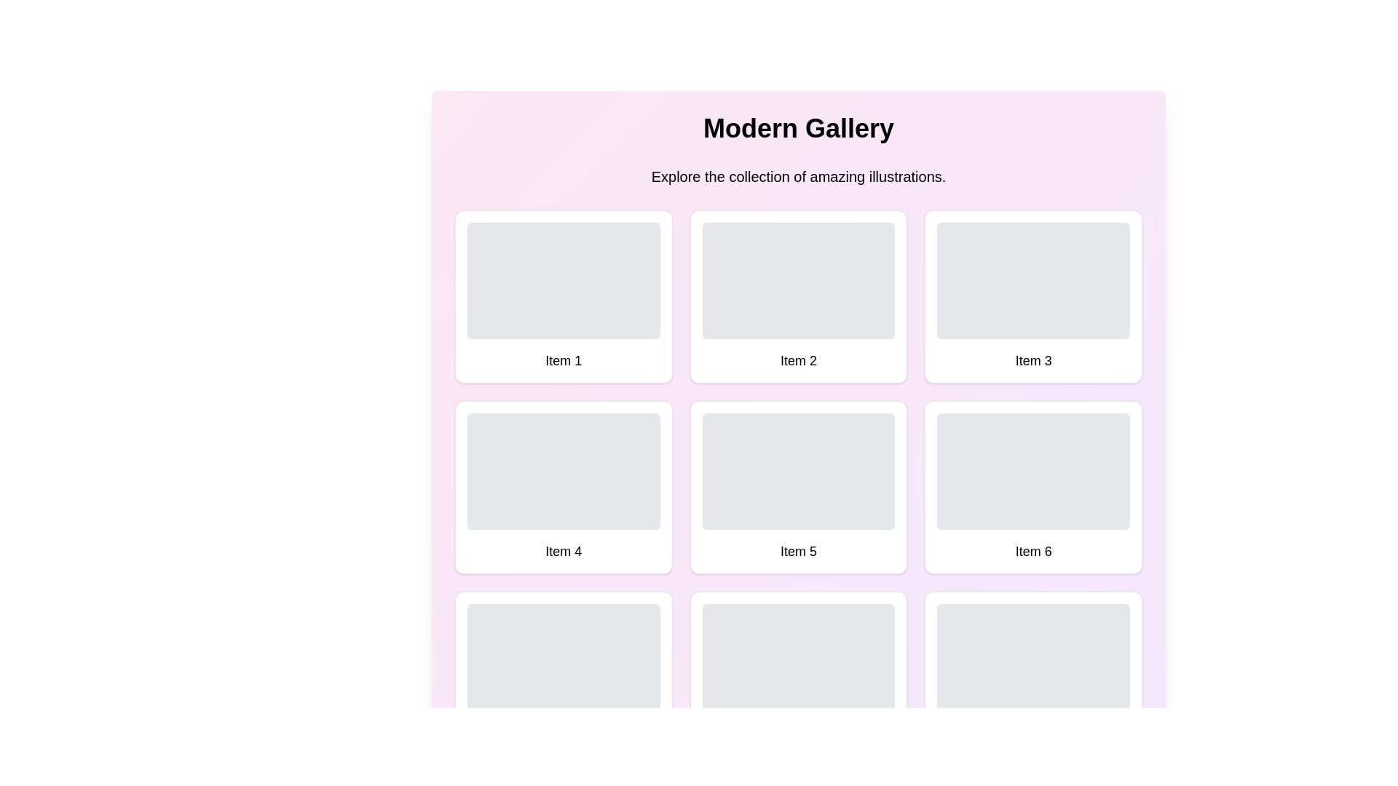 This screenshot has width=1398, height=786. I want to click on the text label that denotes the title or identifier of the associated item within the grid, positioned at the bottom center of the second card in the top row, located between 'Item 1' and 'Item 3', so click(797, 360).